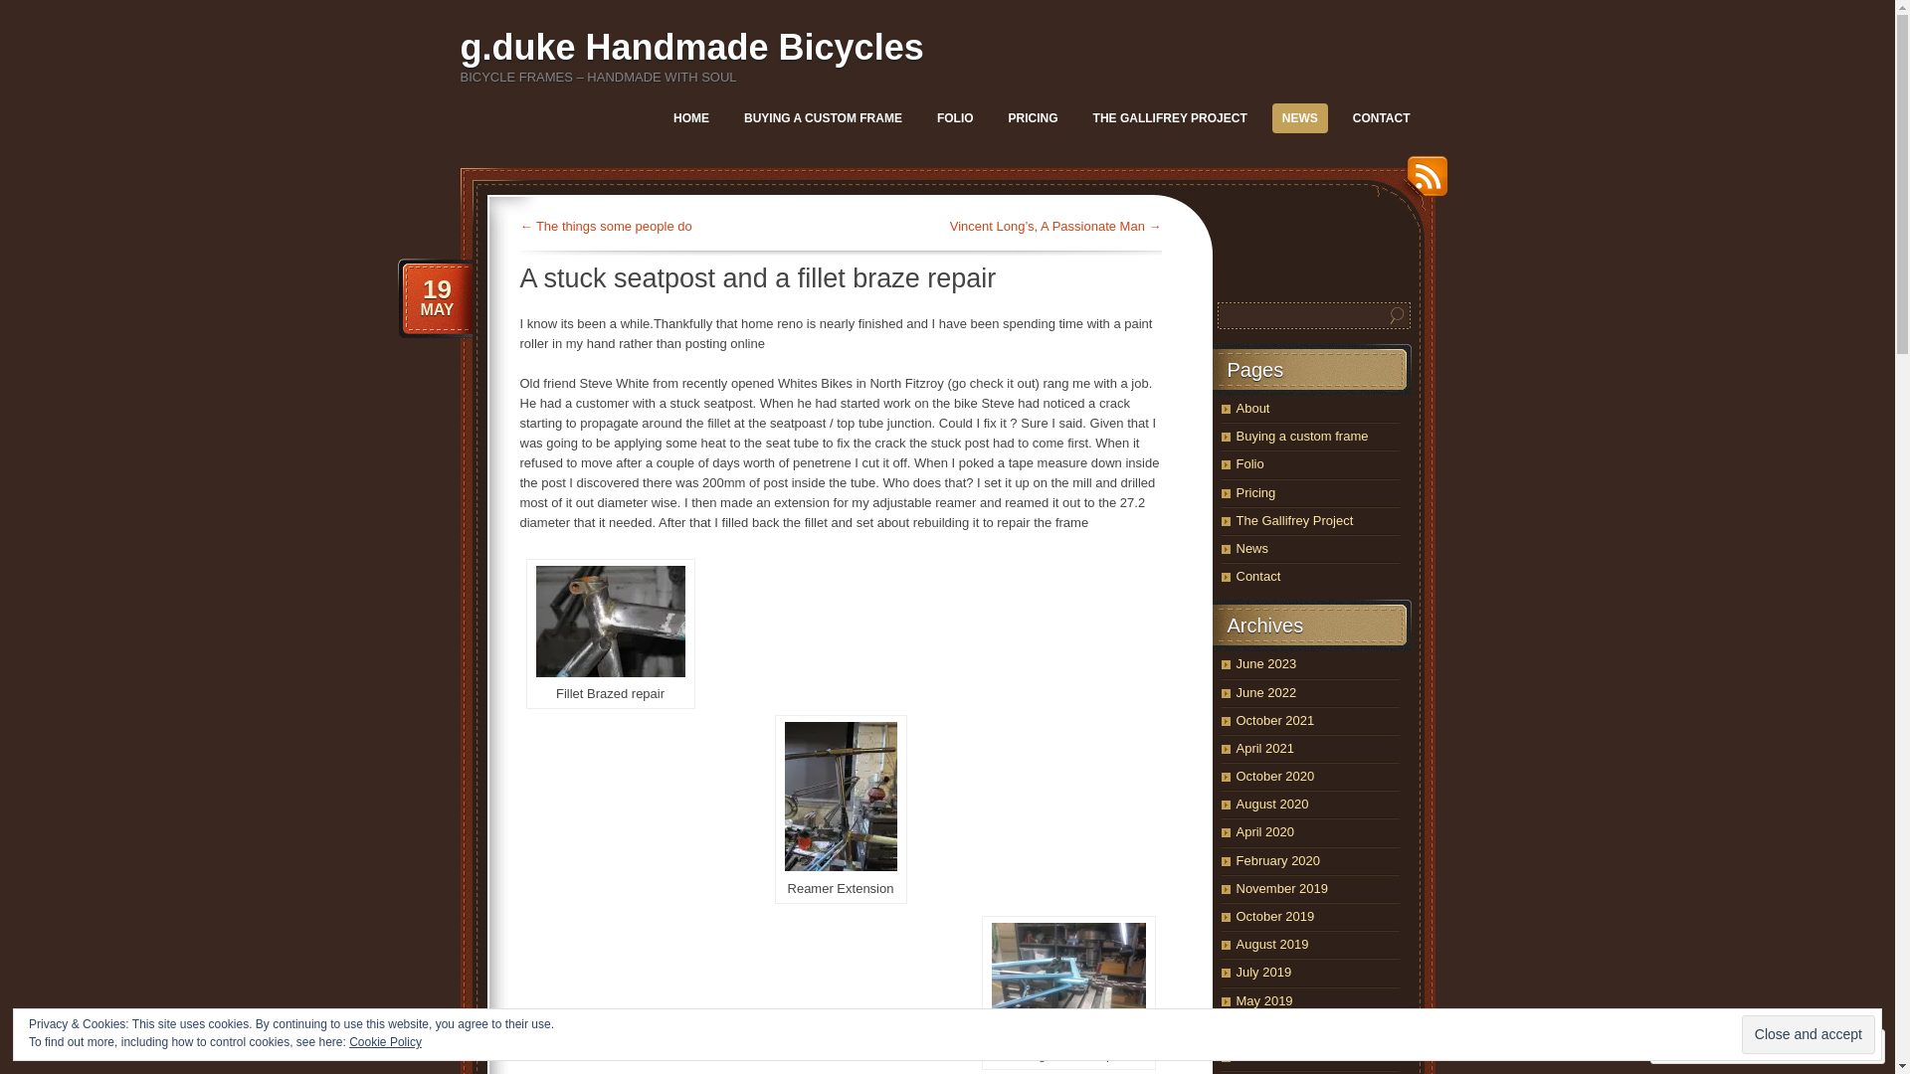 The image size is (1910, 1074). I want to click on 'July 2019', so click(1262, 971).